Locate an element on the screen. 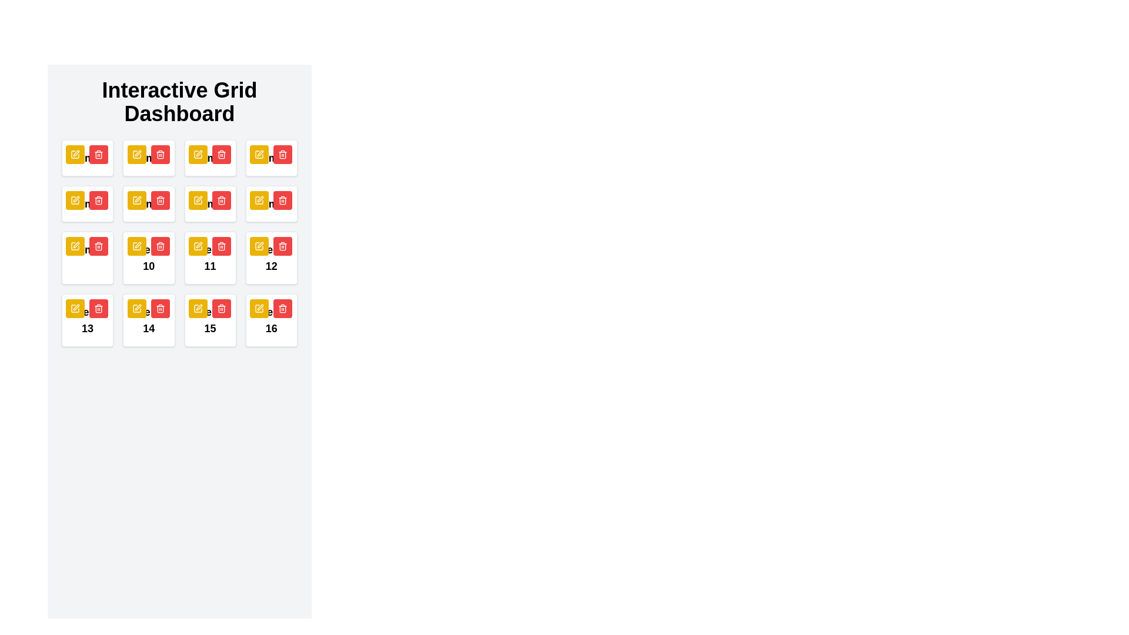 The image size is (1129, 635). the 'Delete' button represented by a trash can icon, which is the second button in the grid layout, located adjacent to a yellow pencil button is located at coordinates (221, 308).